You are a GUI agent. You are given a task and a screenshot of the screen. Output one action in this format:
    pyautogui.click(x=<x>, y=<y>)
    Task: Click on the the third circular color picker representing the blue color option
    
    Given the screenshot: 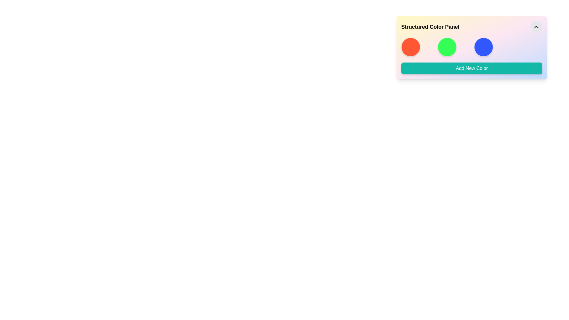 What is the action you would take?
    pyautogui.click(x=471, y=47)
    